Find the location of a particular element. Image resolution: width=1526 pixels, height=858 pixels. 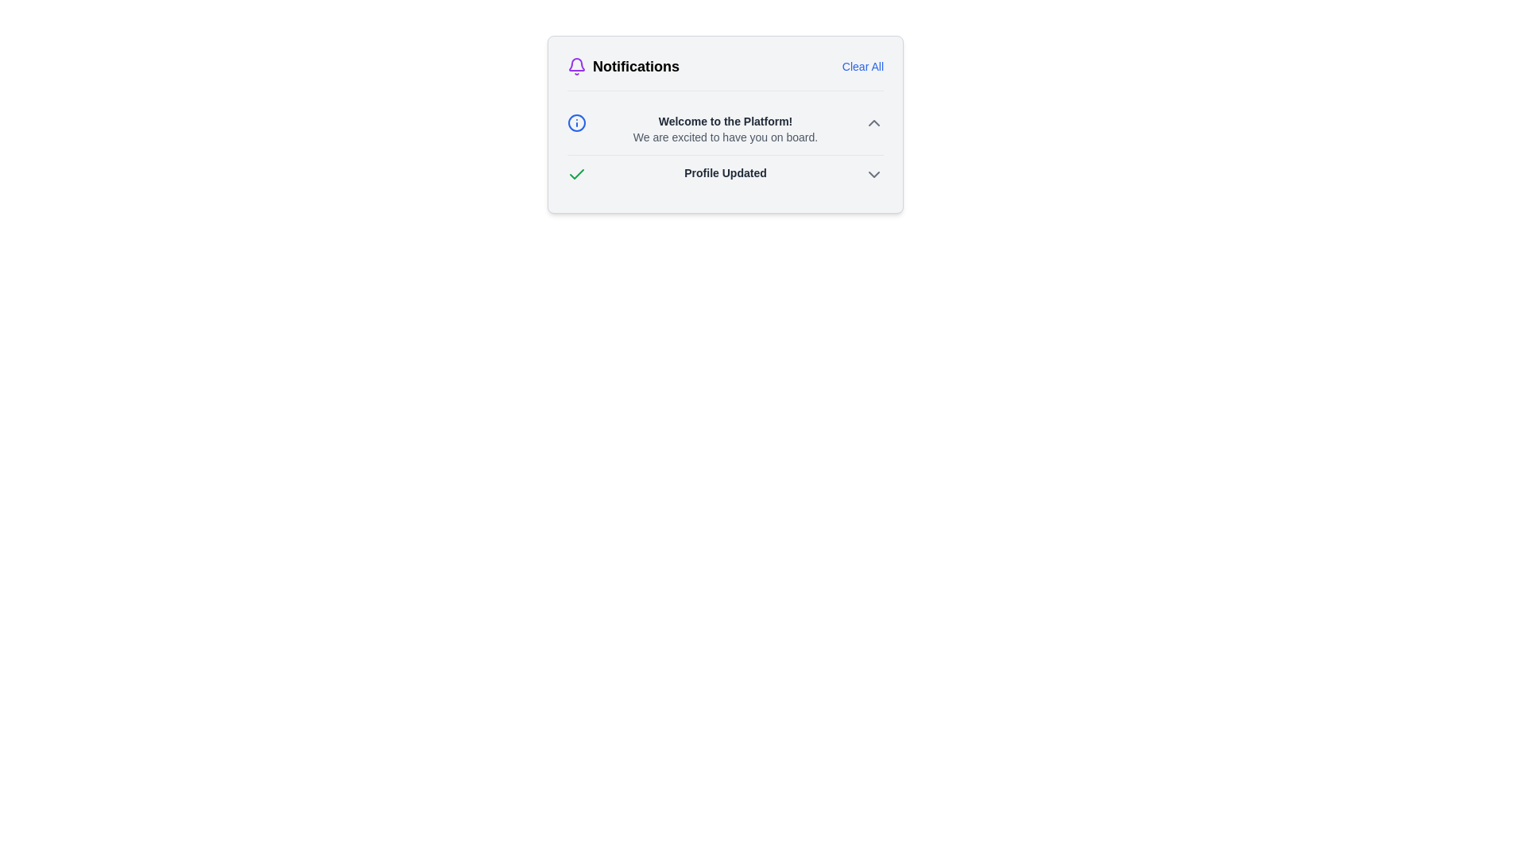

the text label that displays 'Welcome to the Platform!', which is styled in bold black text and located in the notification segment above the descriptive text is located at coordinates (724, 121).